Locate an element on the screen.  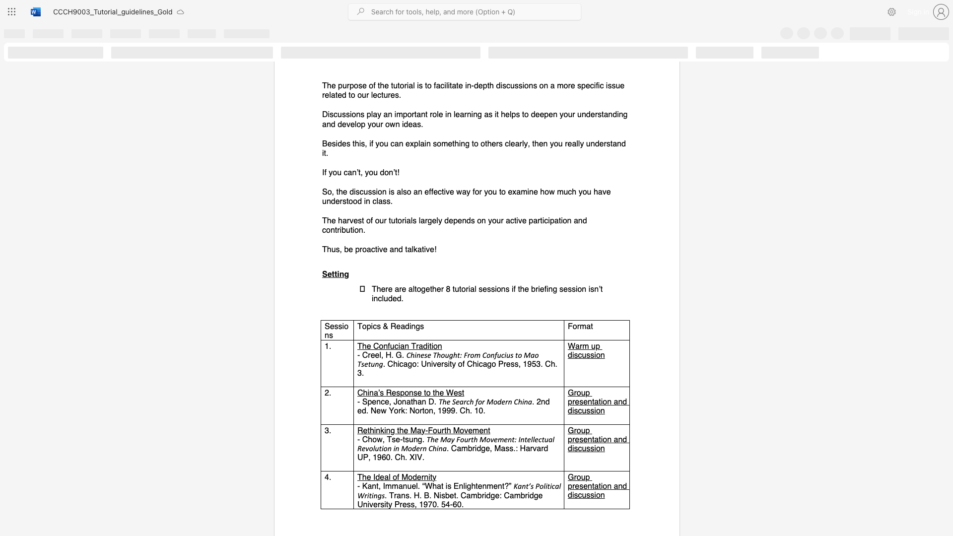
the 3th character "o" in the text is located at coordinates (598, 448).